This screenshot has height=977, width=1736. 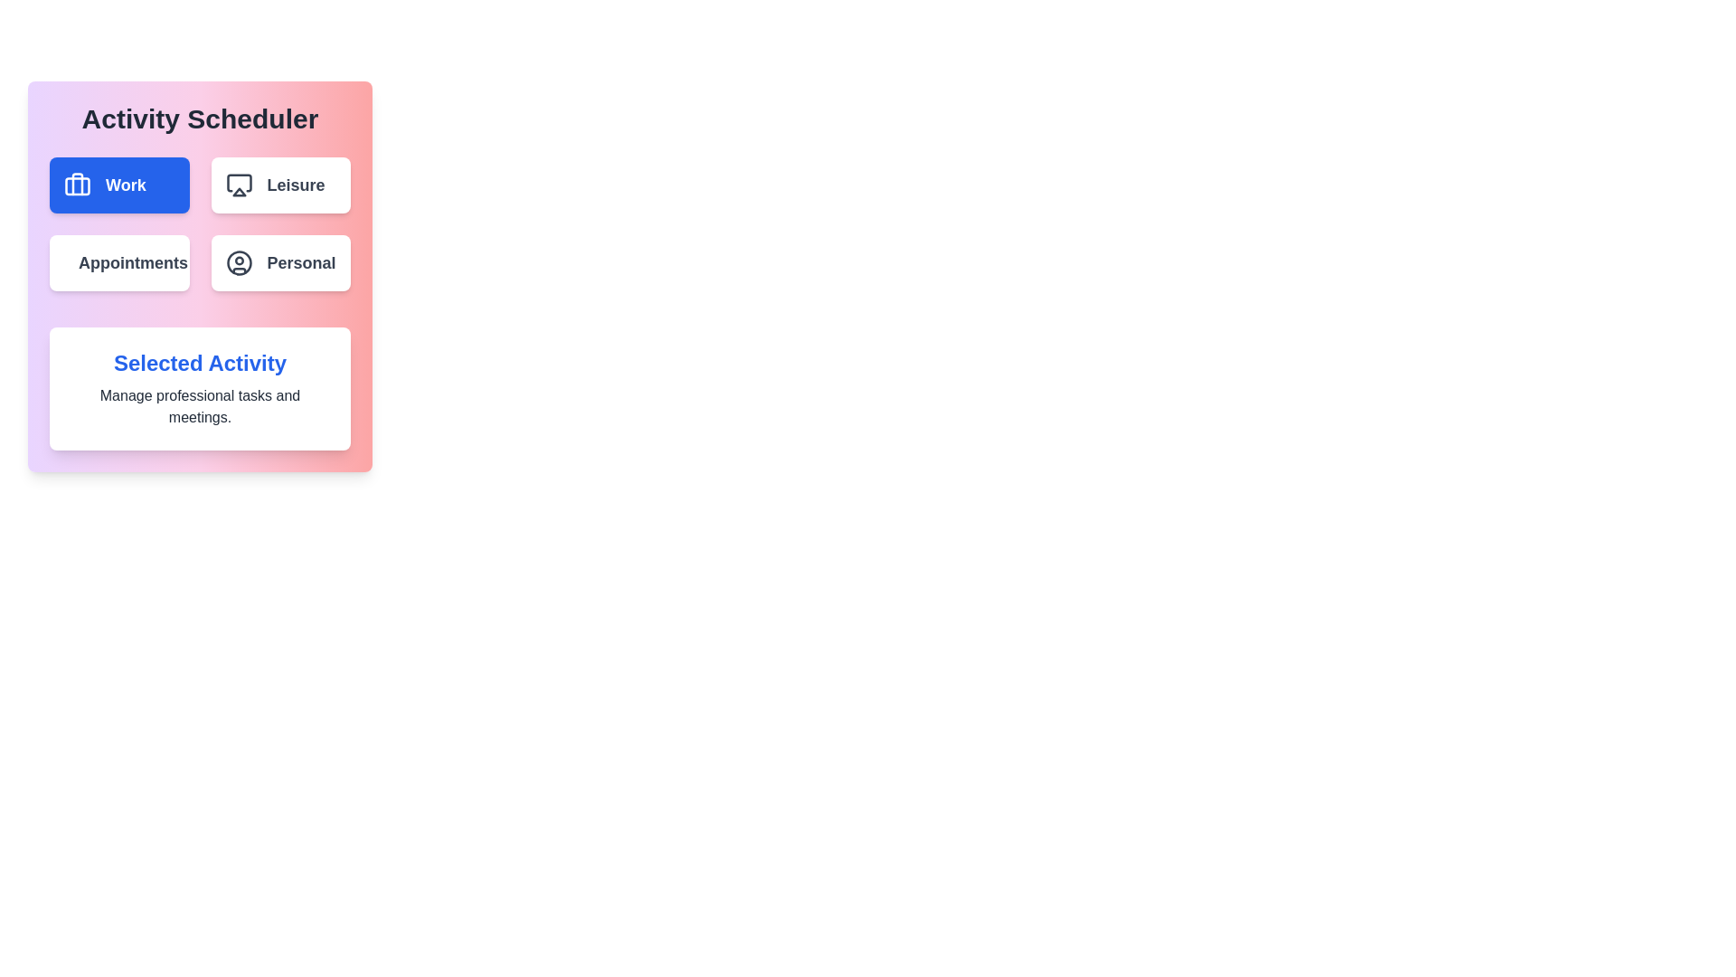 What do you see at coordinates (200, 407) in the screenshot?
I see `the Text Block that provides supplementary information below the heading 'Selected Activity' in the central layout of the interface` at bounding box center [200, 407].